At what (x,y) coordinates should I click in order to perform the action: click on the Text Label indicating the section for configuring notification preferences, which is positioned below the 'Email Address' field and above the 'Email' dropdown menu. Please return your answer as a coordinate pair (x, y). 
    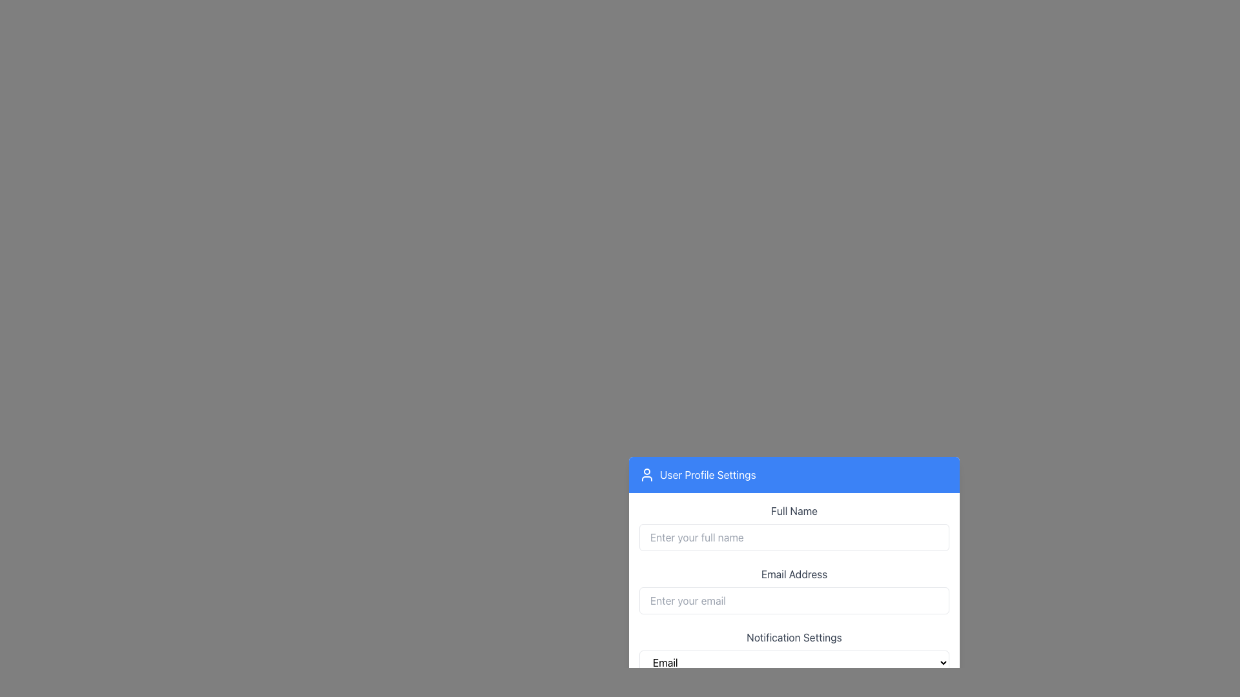
    Looking at the image, I should click on (793, 636).